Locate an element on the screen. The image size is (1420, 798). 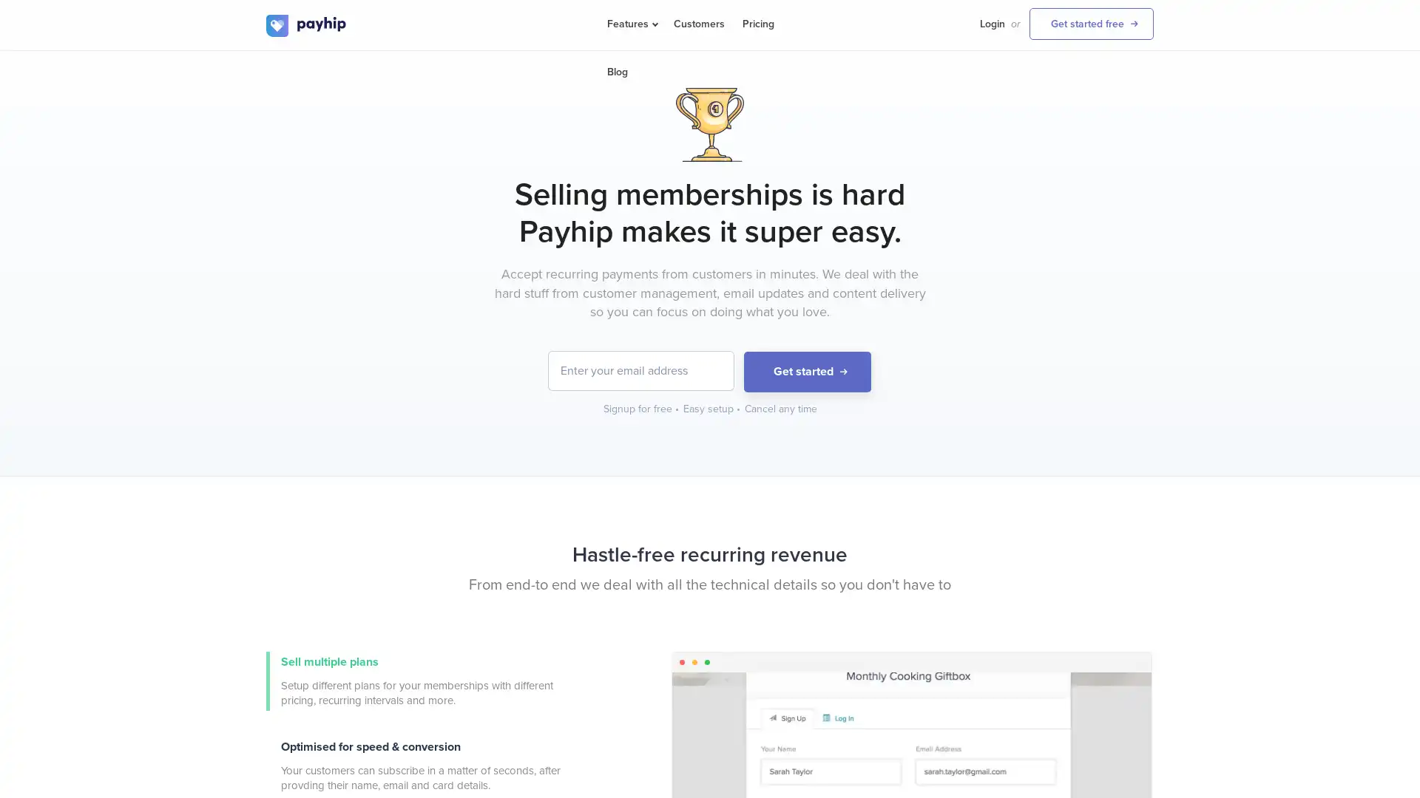
Get started is located at coordinates (806, 371).